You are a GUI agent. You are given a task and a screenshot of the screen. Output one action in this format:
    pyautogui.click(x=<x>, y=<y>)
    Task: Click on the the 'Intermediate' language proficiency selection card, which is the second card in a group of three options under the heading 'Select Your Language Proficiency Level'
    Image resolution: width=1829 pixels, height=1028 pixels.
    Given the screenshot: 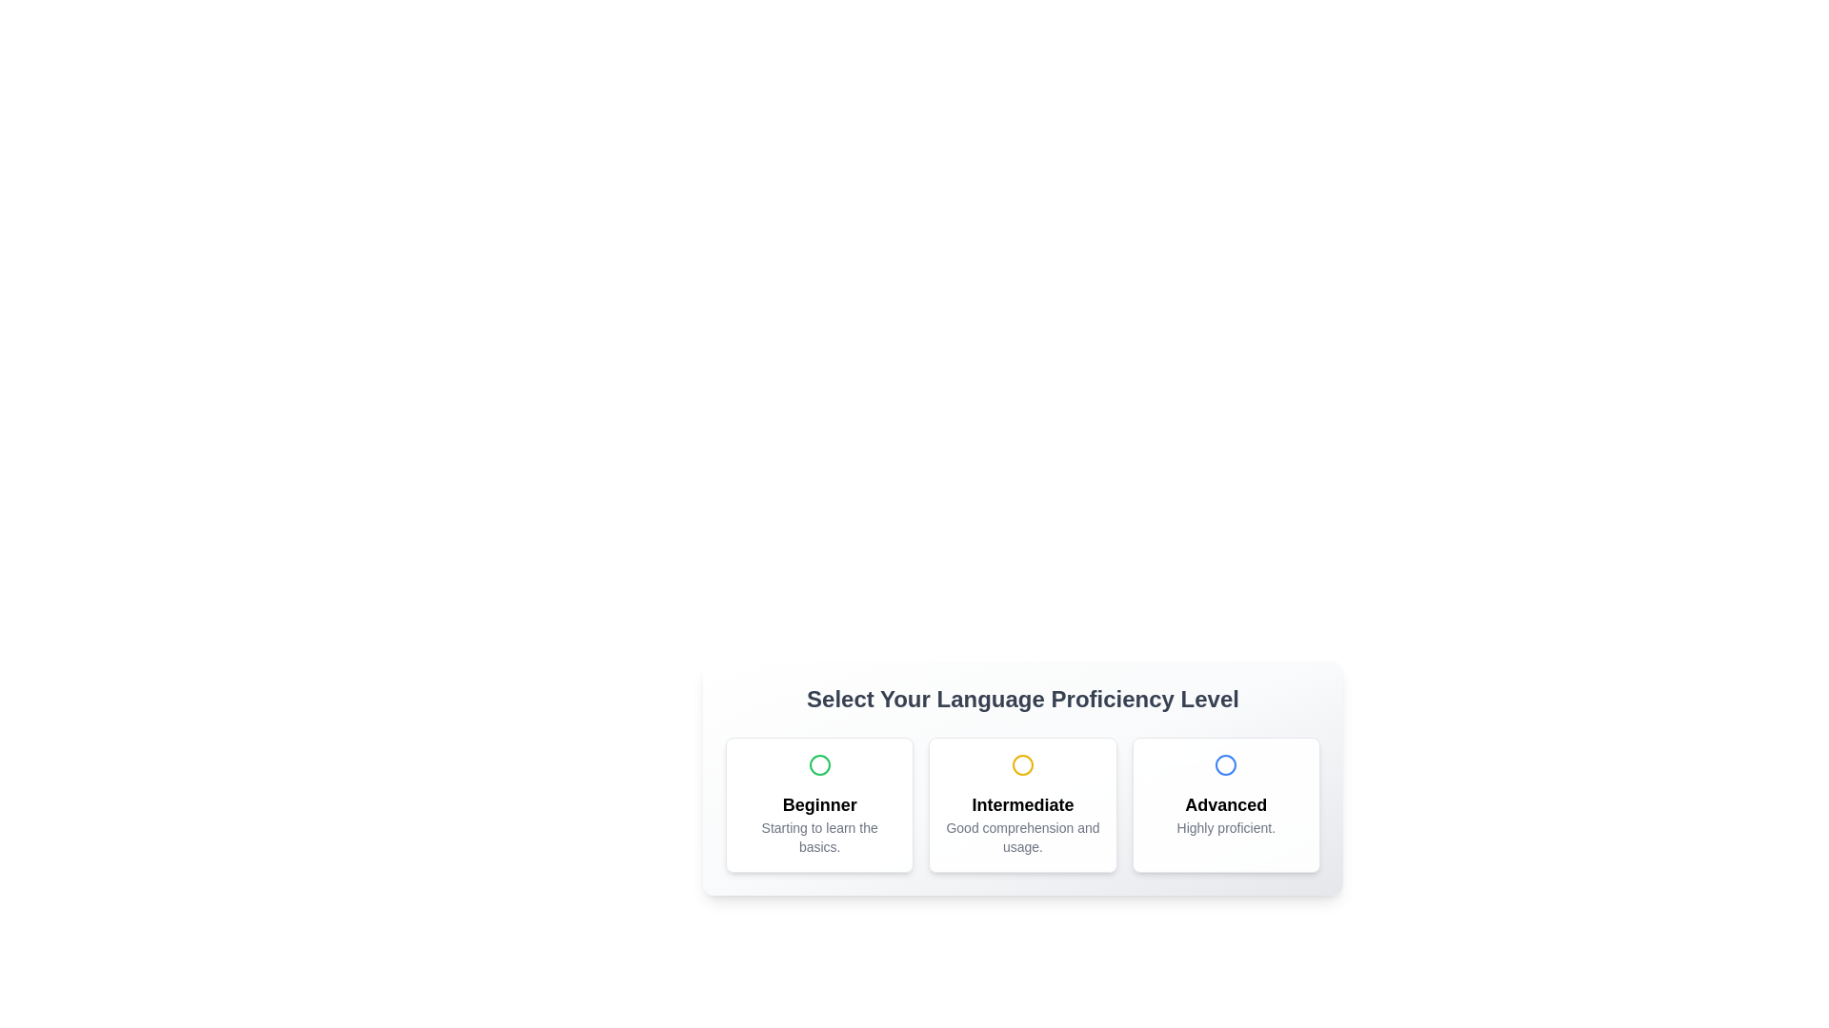 What is the action you would take?
    pyautogui.click(x=1022, y=778)
    